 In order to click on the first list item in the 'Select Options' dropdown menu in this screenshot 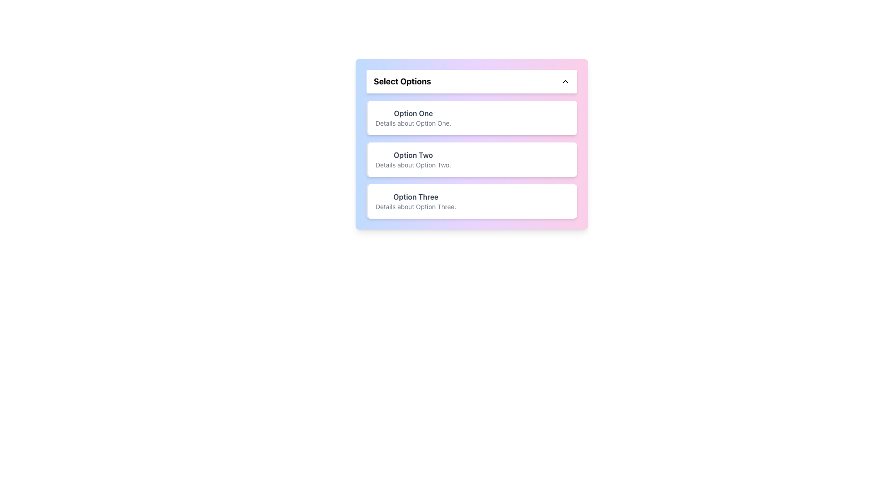, I will do `click(413, 117)`.